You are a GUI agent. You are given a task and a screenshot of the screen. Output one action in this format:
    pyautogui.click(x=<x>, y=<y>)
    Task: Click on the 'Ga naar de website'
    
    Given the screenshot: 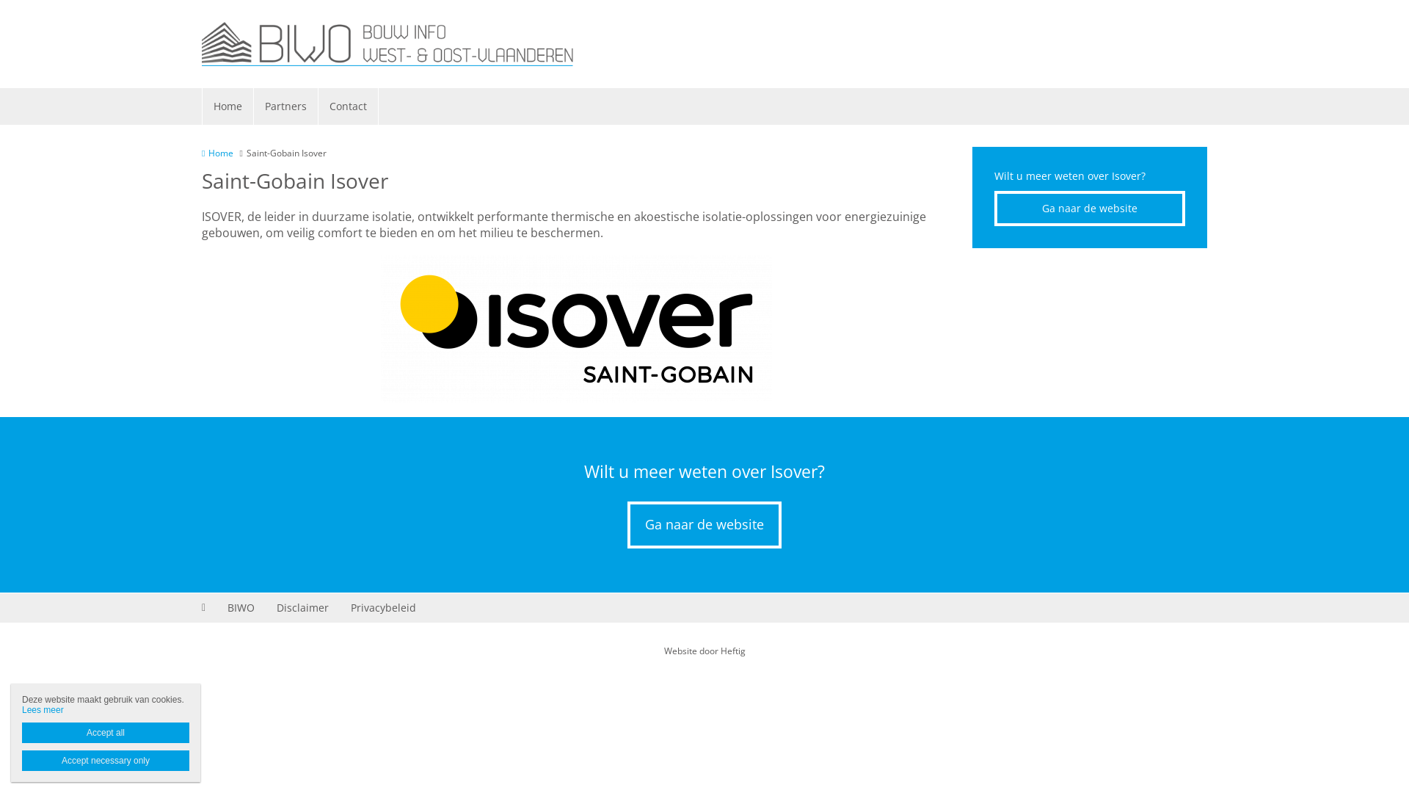 What is the action you would take?
    pyautogui.click(x=1089, y=209)
    